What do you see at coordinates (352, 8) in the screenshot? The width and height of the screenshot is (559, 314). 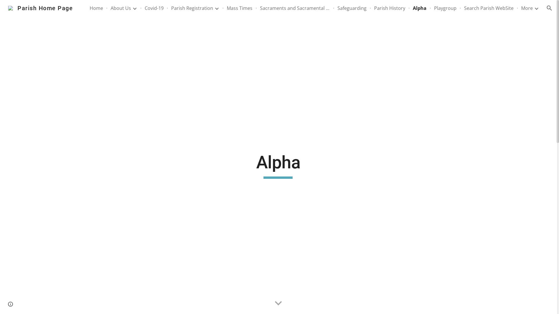 I see `'Safeguarding'` at bounding box center [352, 8].